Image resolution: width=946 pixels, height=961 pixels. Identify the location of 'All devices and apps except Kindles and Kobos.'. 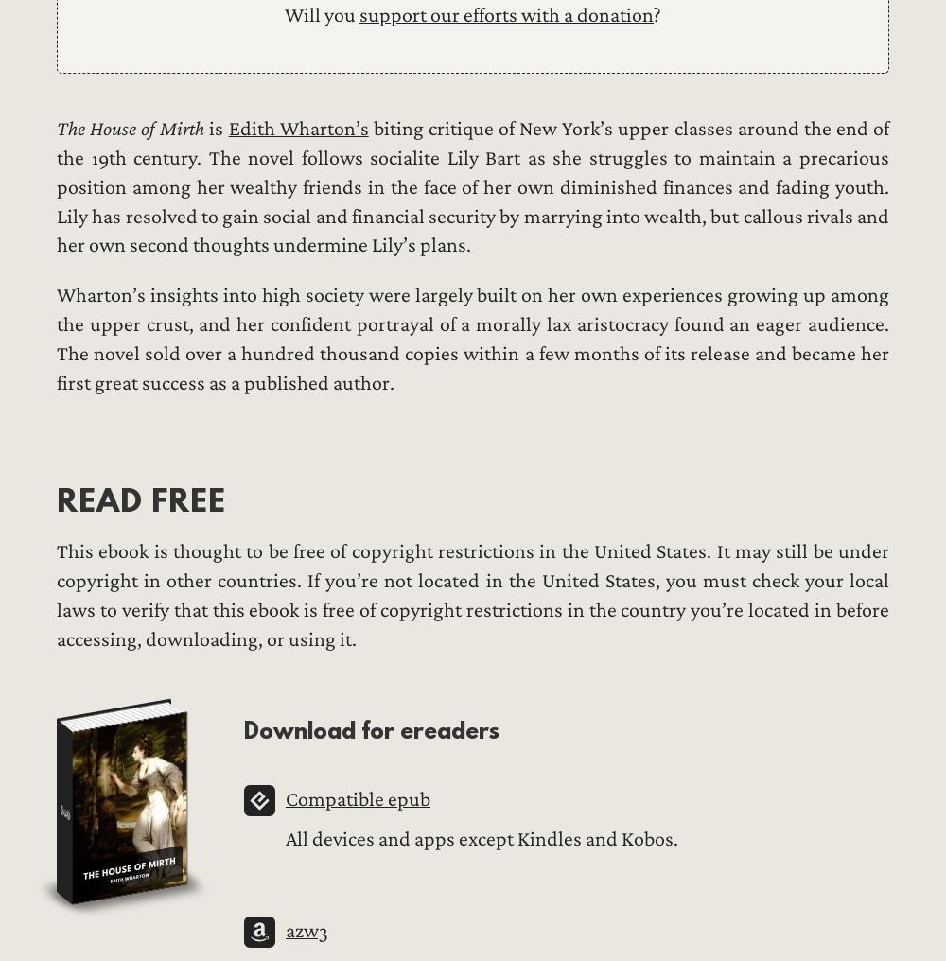
(482, 838).